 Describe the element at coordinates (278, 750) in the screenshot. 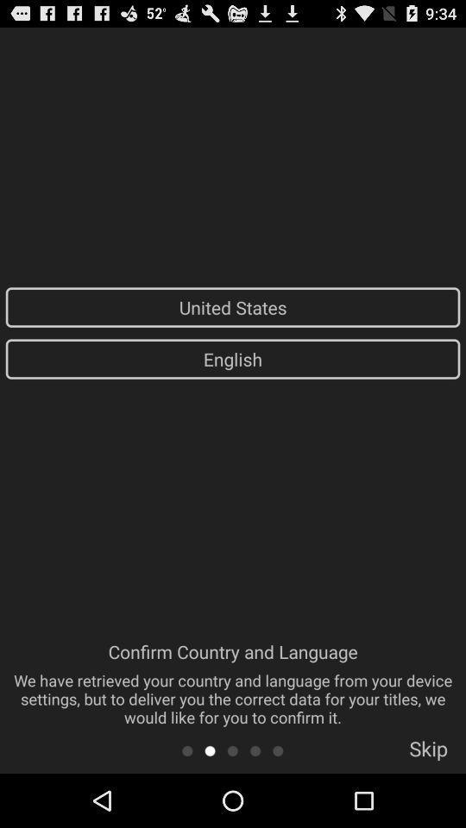

I see `page 5` at that location.